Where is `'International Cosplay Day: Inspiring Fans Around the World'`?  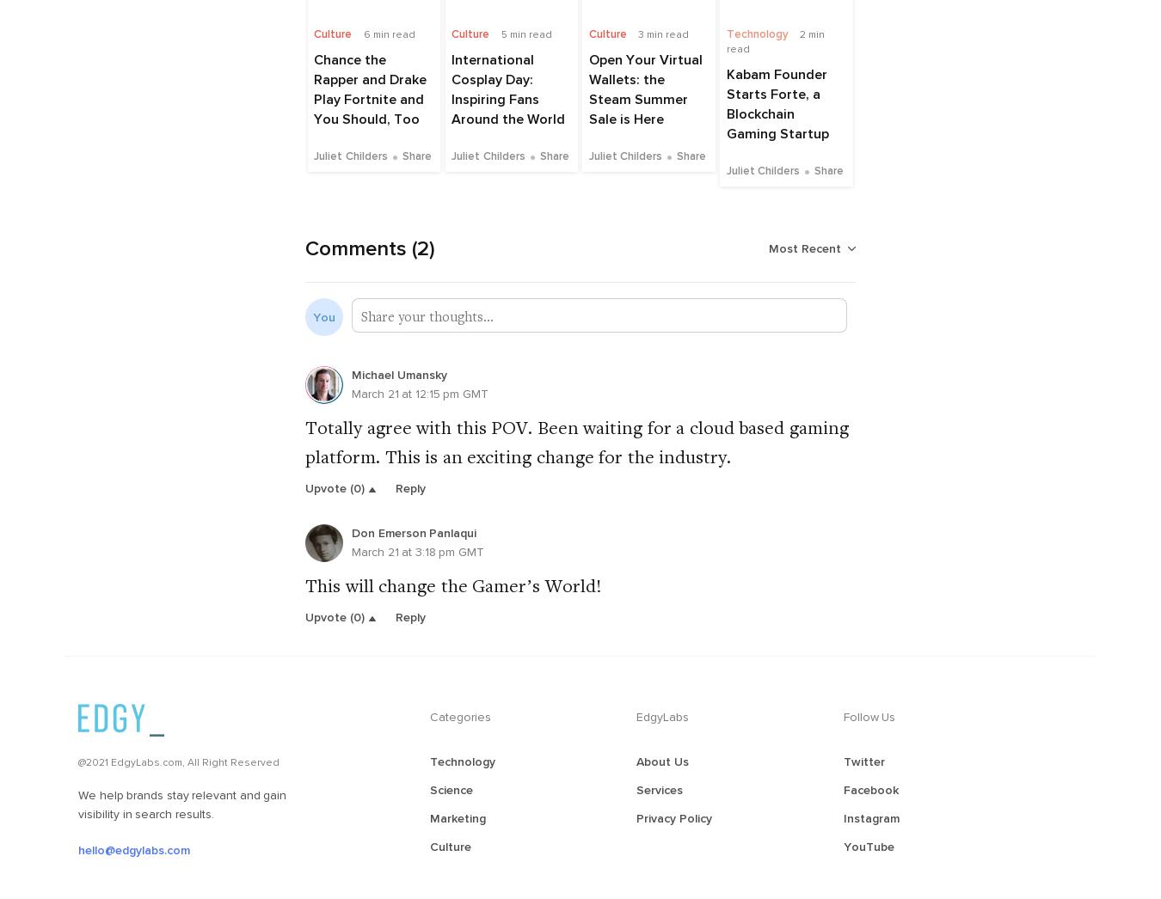 'International Cosplay Day: Inspiring Fans Around the World' is located at coordinates (510, 97).